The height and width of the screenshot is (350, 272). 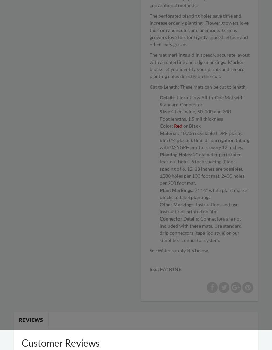 I want to click on 'Sku:', so click(x=154, y=269).